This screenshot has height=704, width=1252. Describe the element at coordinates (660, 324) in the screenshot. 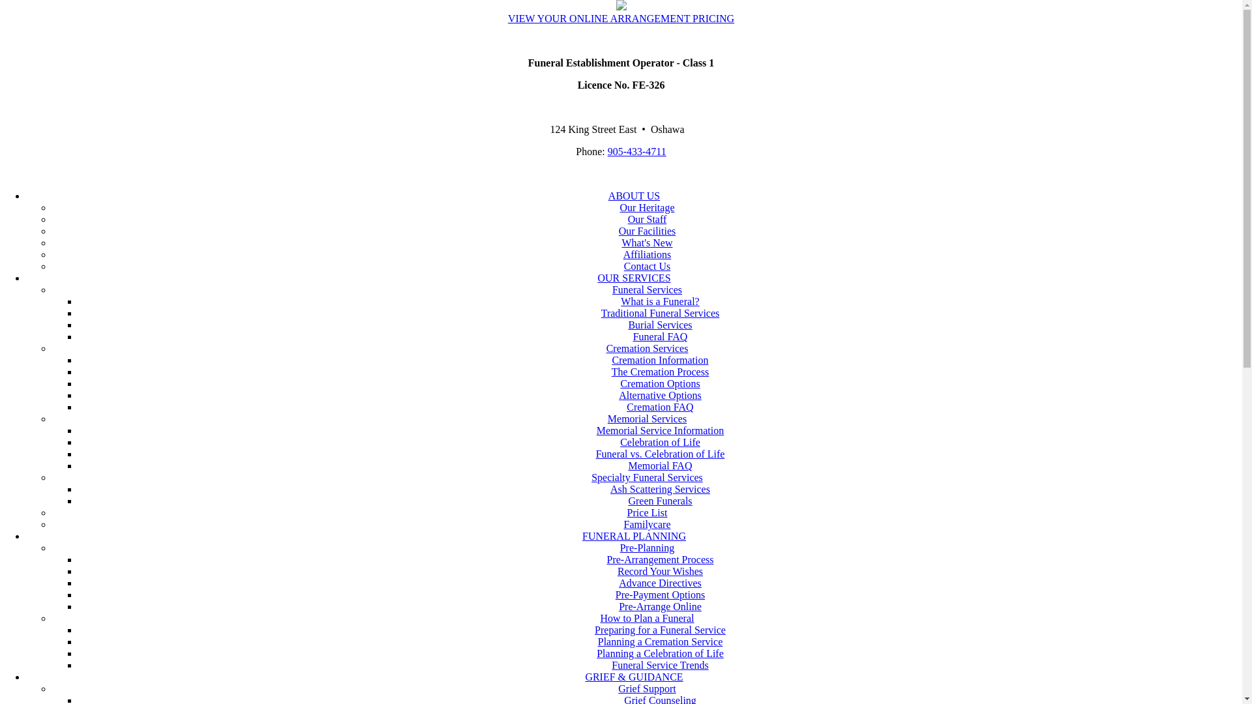

I see `'Burial Services'` at that location.